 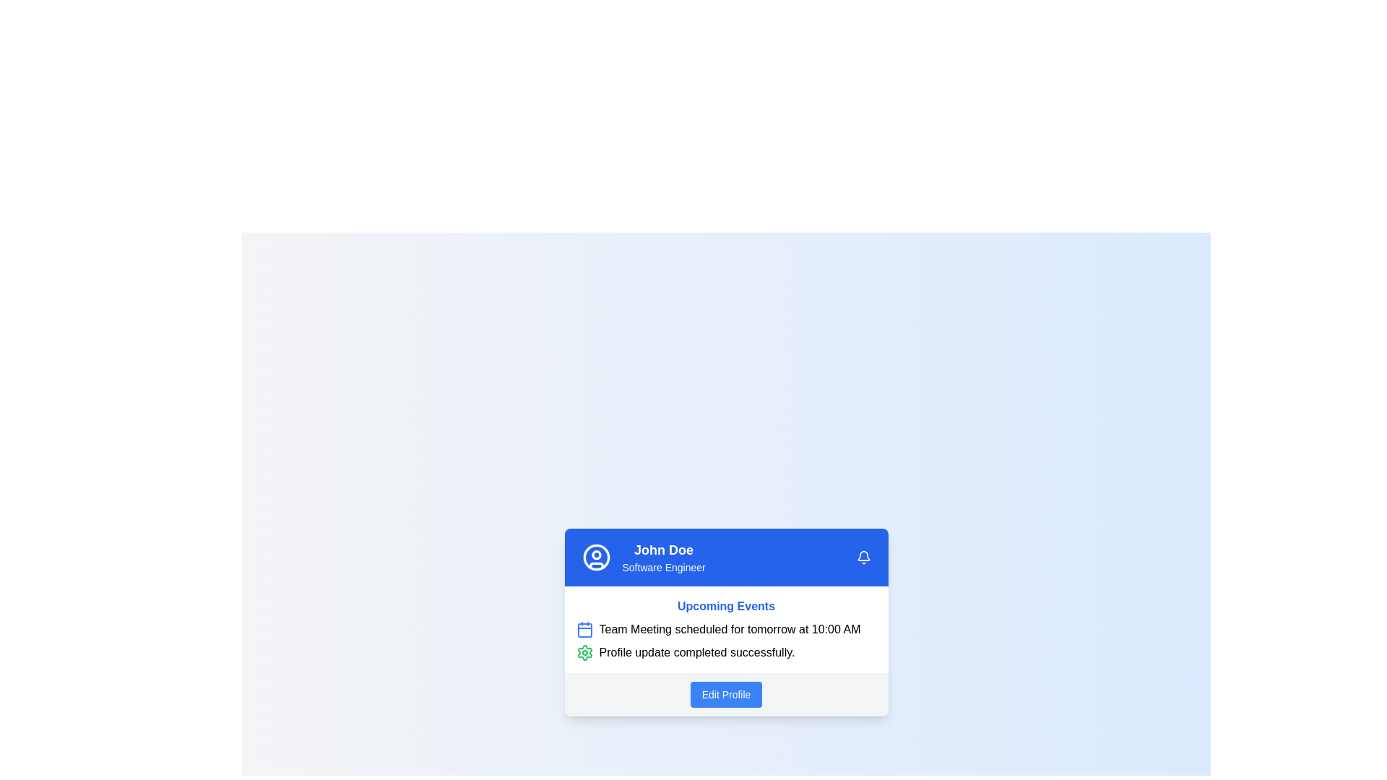 What do you see at coordinates (730, 628) in the screenshot?
I see `the text label displaying the upcoming event's description and timing, which is the first item in the 'Upcoming Events' section, aligned with a blue calendar icon to its left` at bounding box center [730, 628].